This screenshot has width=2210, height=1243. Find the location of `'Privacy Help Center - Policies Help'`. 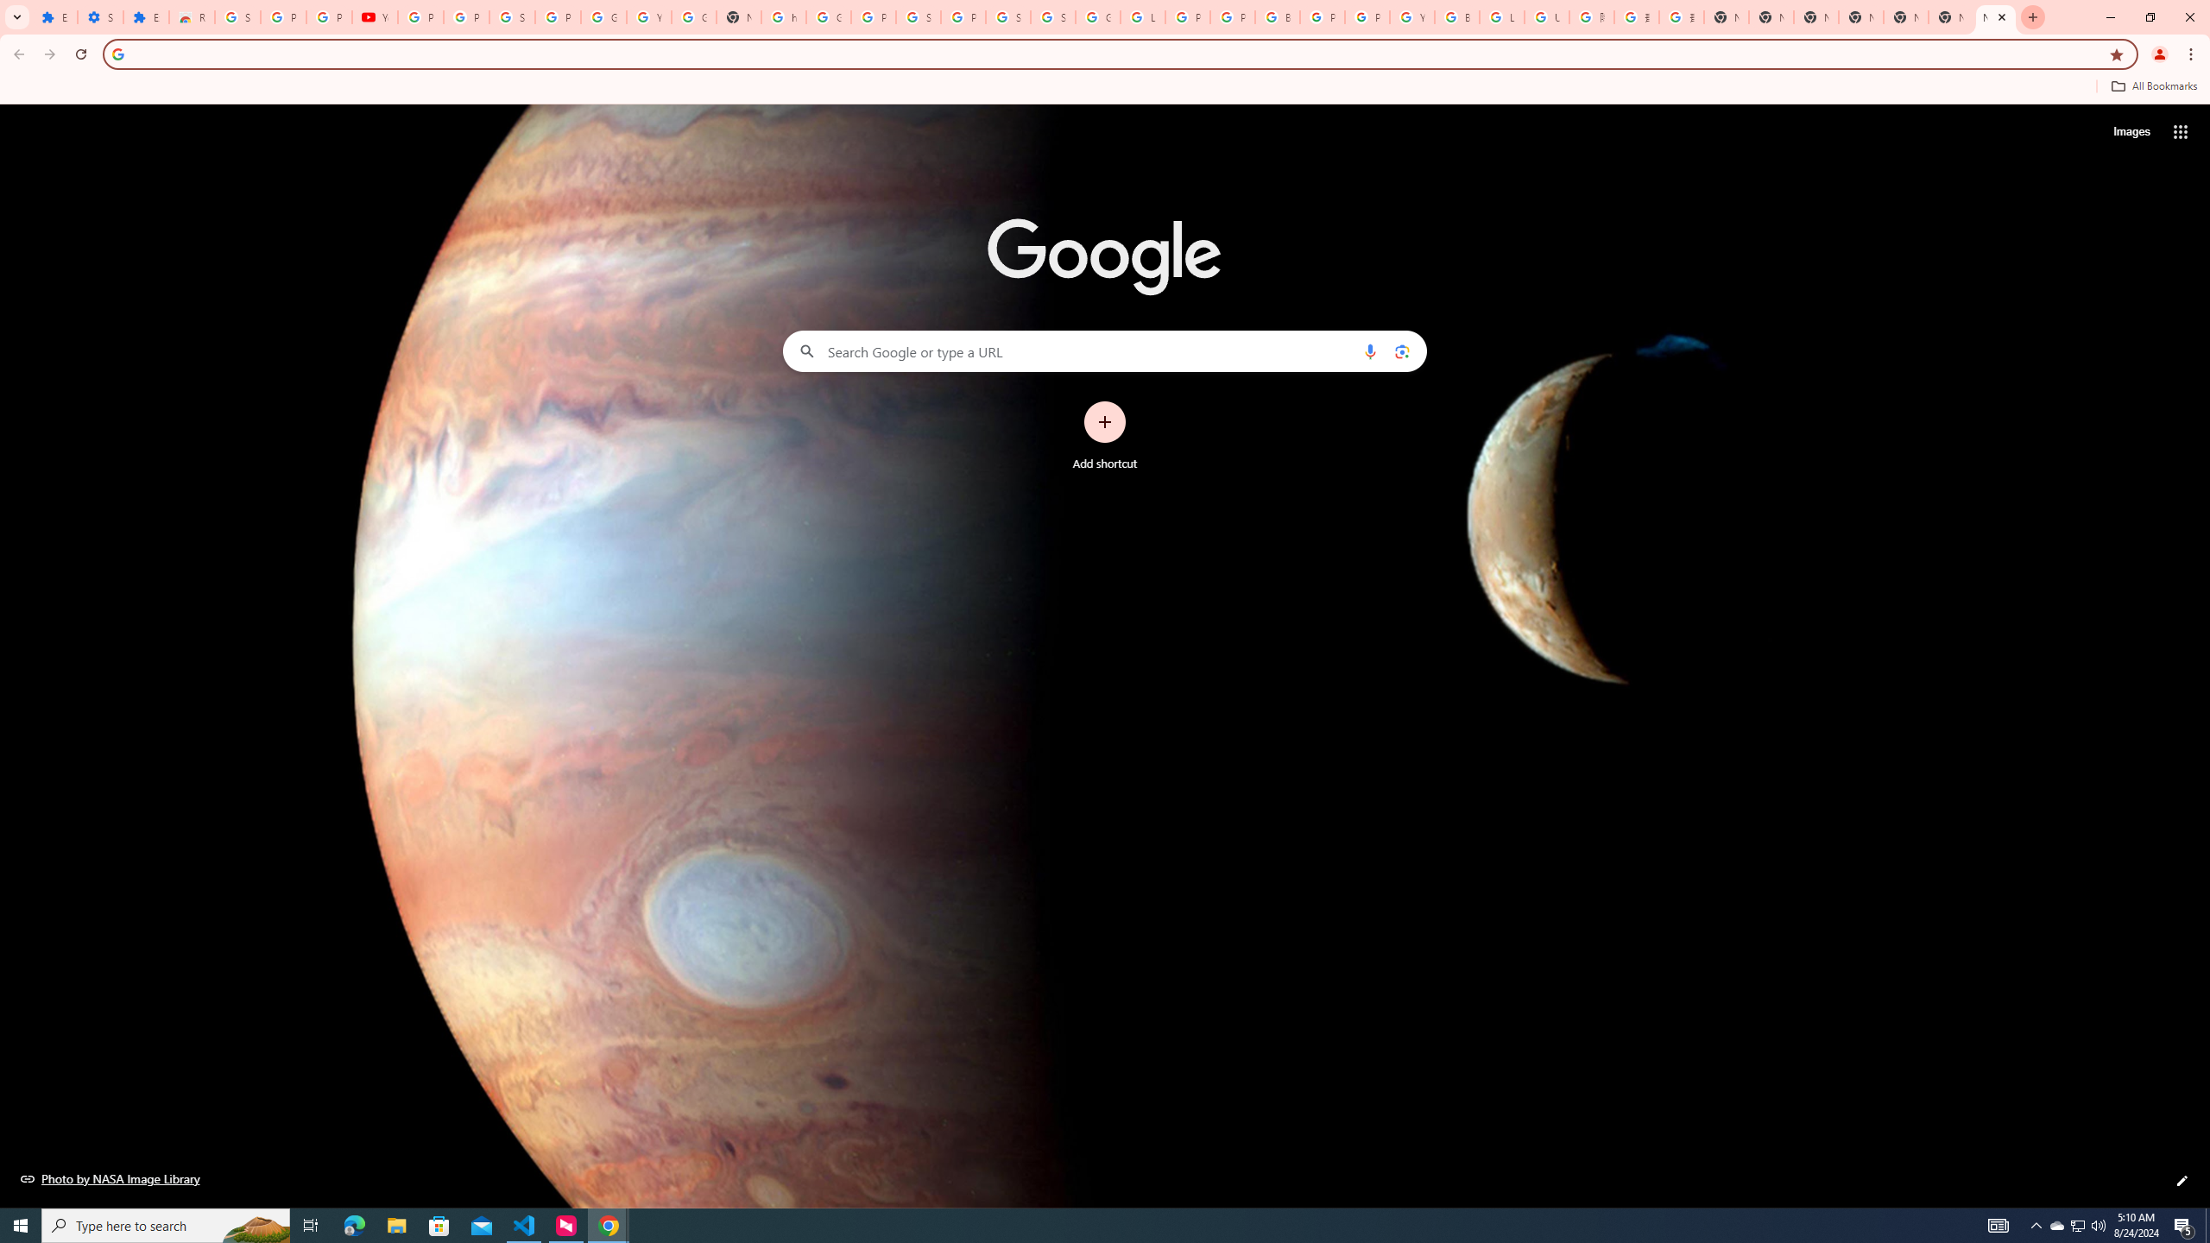

'Privacy Help Center - Policies Help' is located at coordinates (1187, 16).